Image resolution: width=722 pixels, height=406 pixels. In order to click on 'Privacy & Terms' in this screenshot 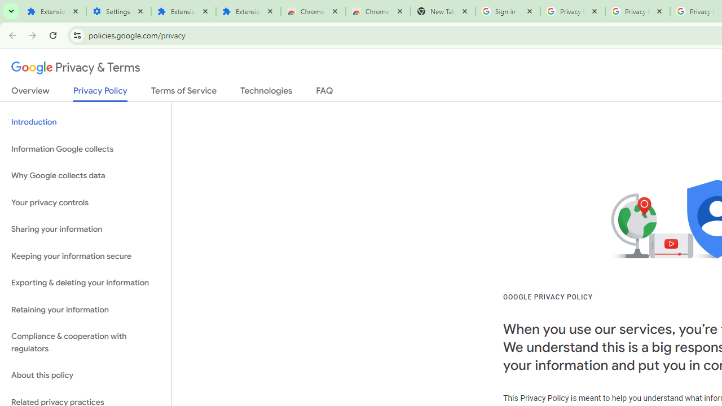, I will do `click(76, 68)`.